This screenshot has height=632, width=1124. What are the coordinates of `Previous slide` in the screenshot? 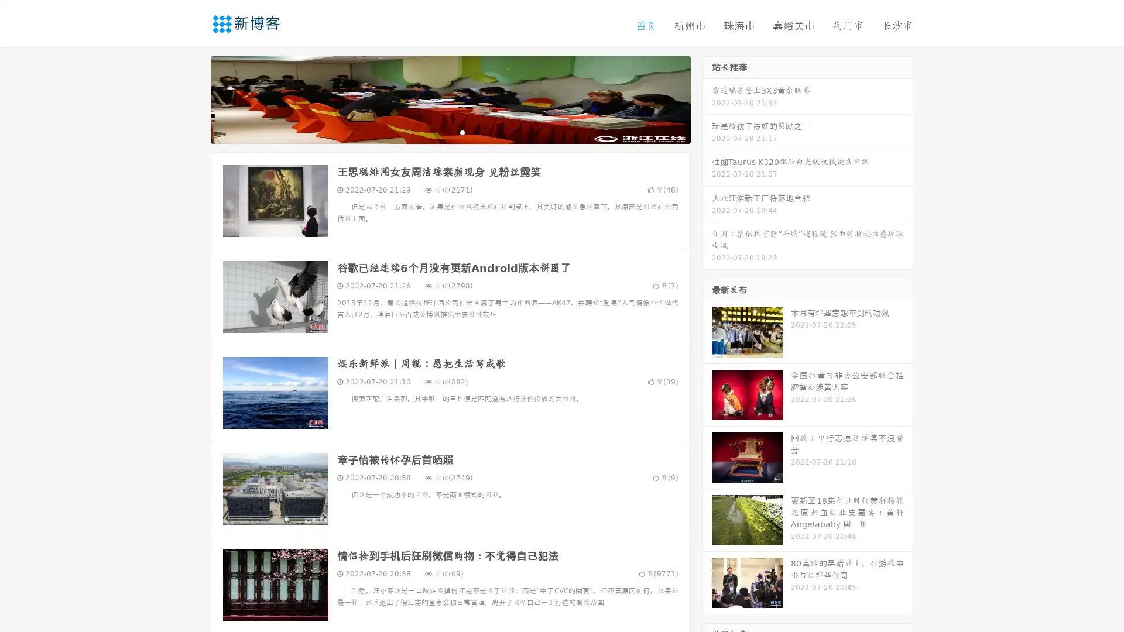 It's located at (193, 98).